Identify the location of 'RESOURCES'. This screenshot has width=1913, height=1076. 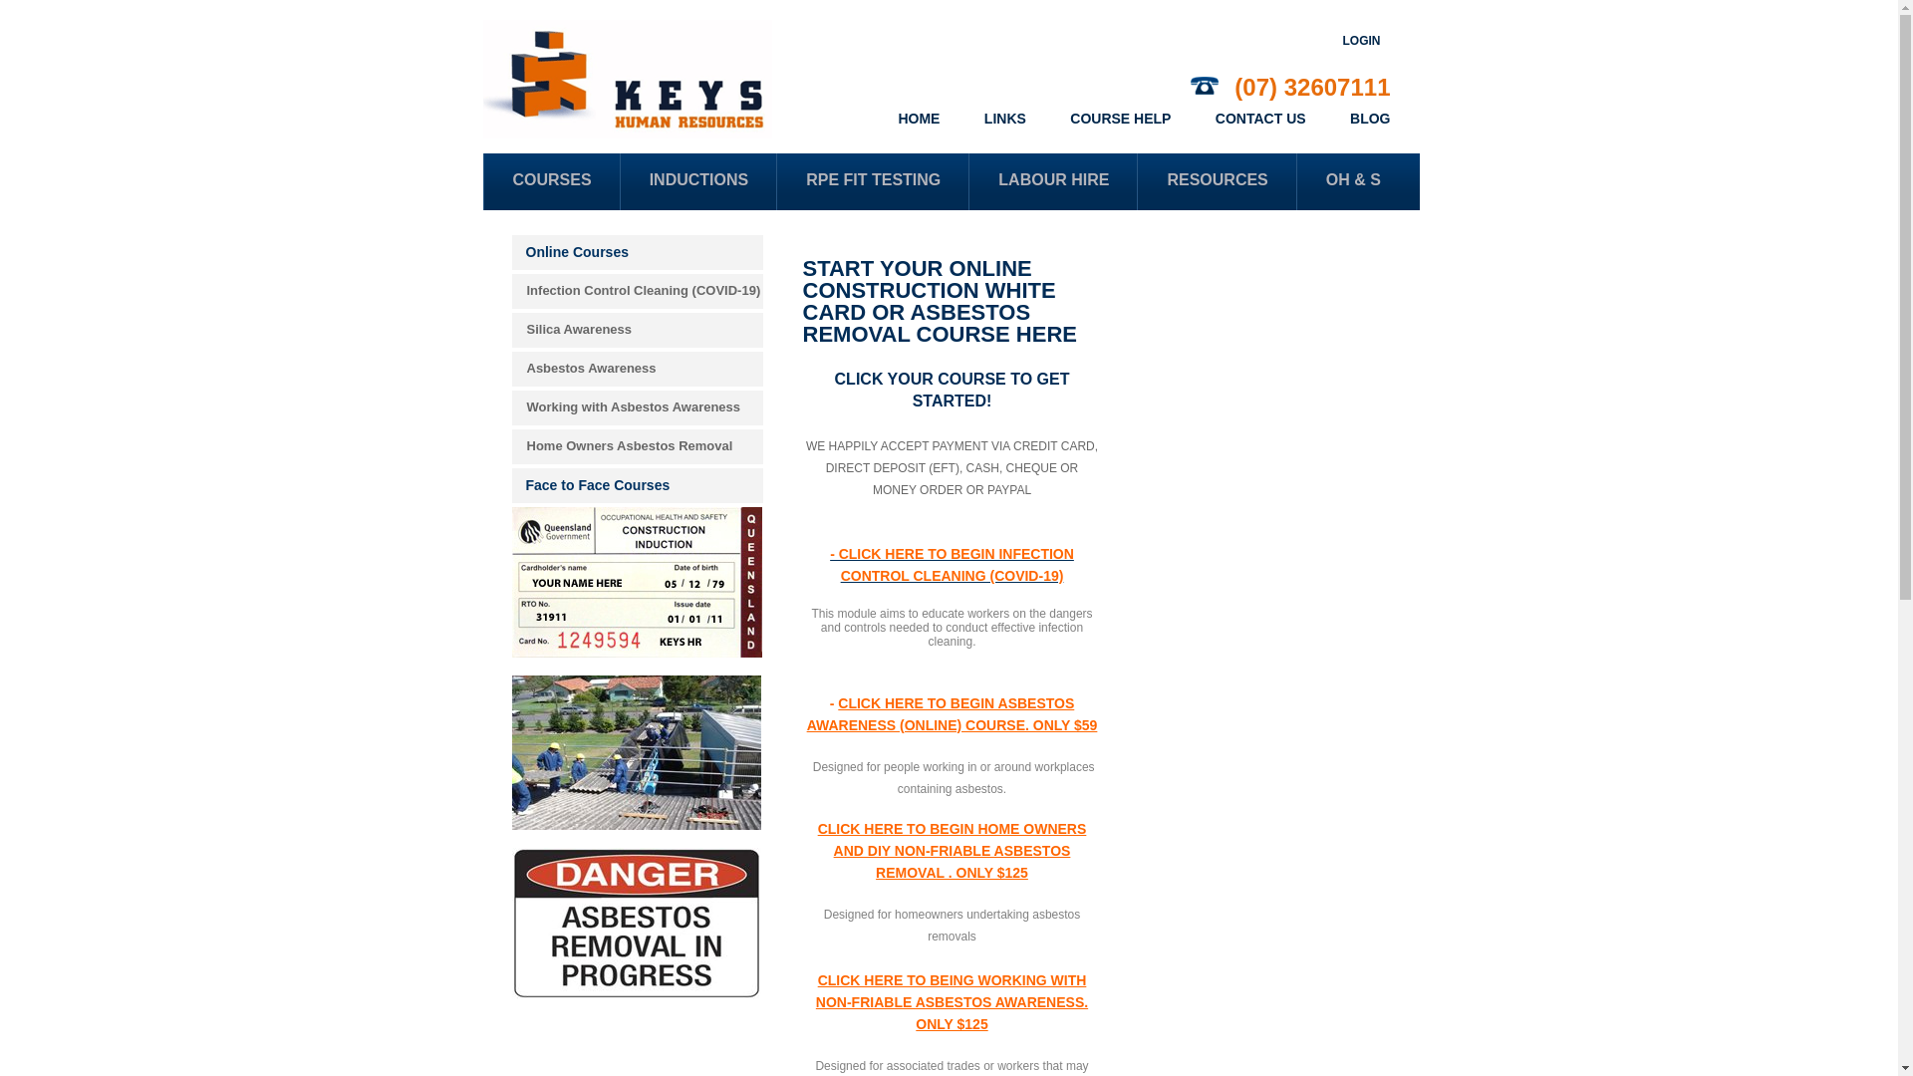
(1215, 181).